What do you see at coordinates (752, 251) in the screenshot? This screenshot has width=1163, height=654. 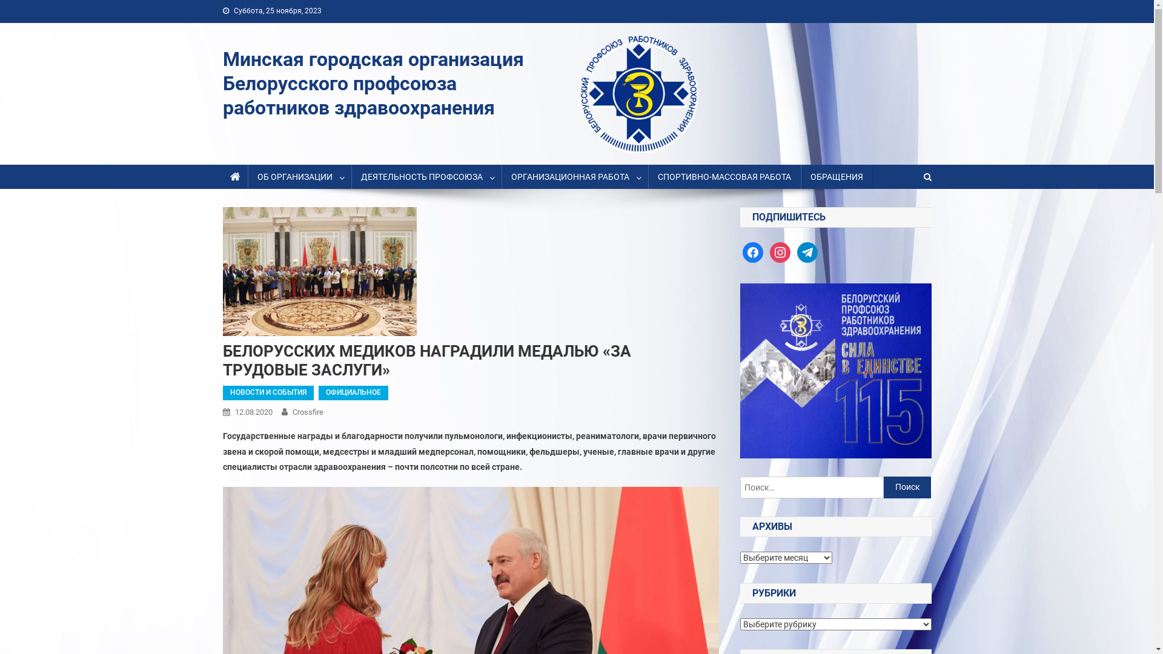 I see `'facebook'` at bounding box center [752, 251].